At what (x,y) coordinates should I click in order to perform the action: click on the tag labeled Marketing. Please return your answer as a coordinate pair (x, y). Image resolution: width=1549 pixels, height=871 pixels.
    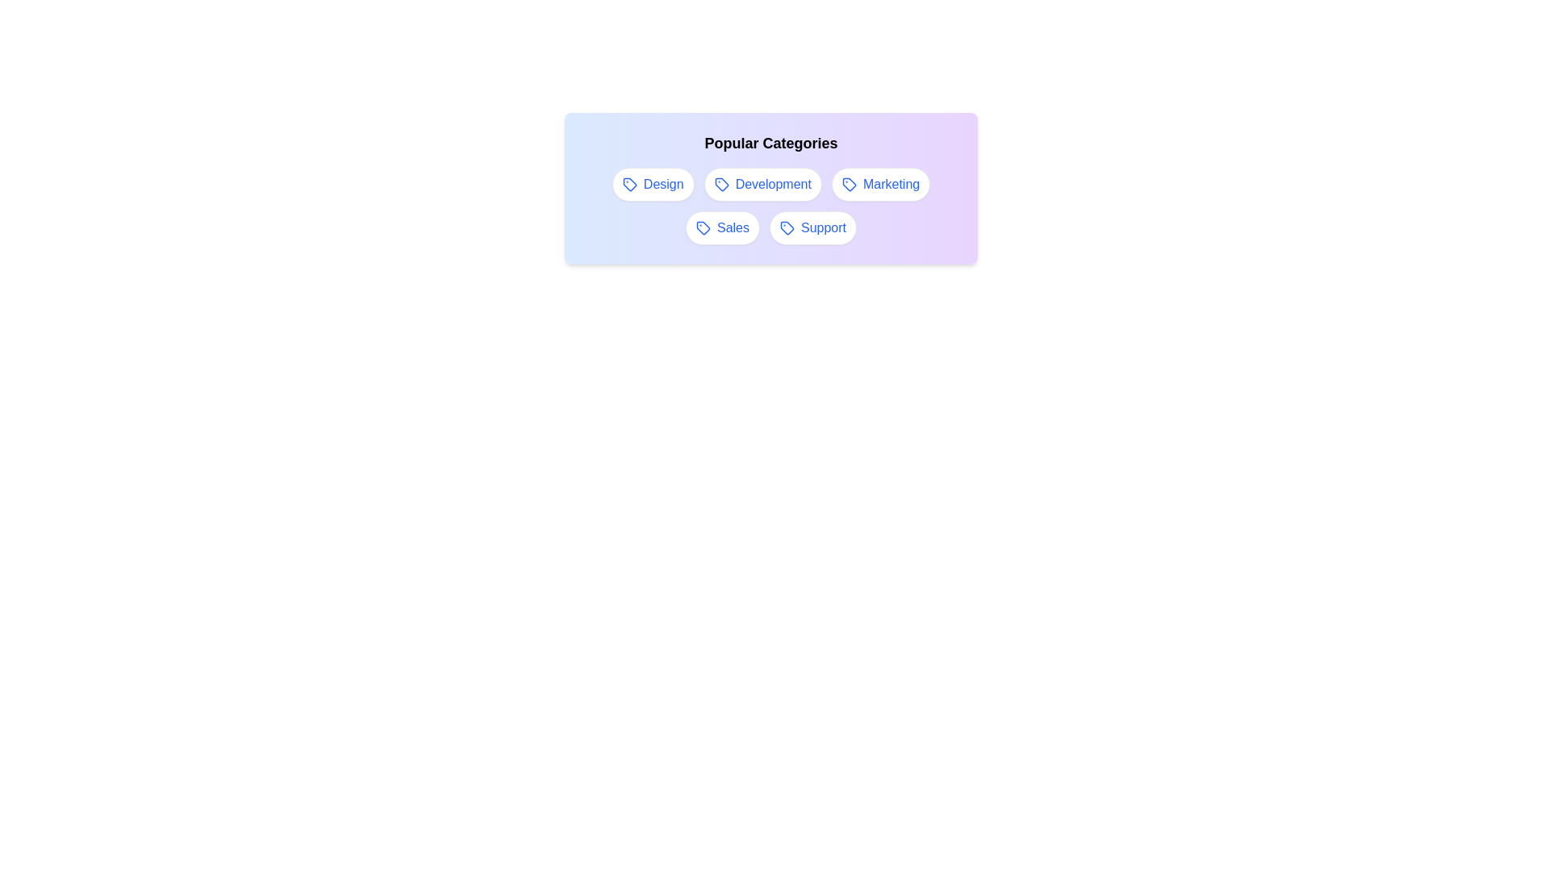
    Looking at the image, I should click on (880, 183).